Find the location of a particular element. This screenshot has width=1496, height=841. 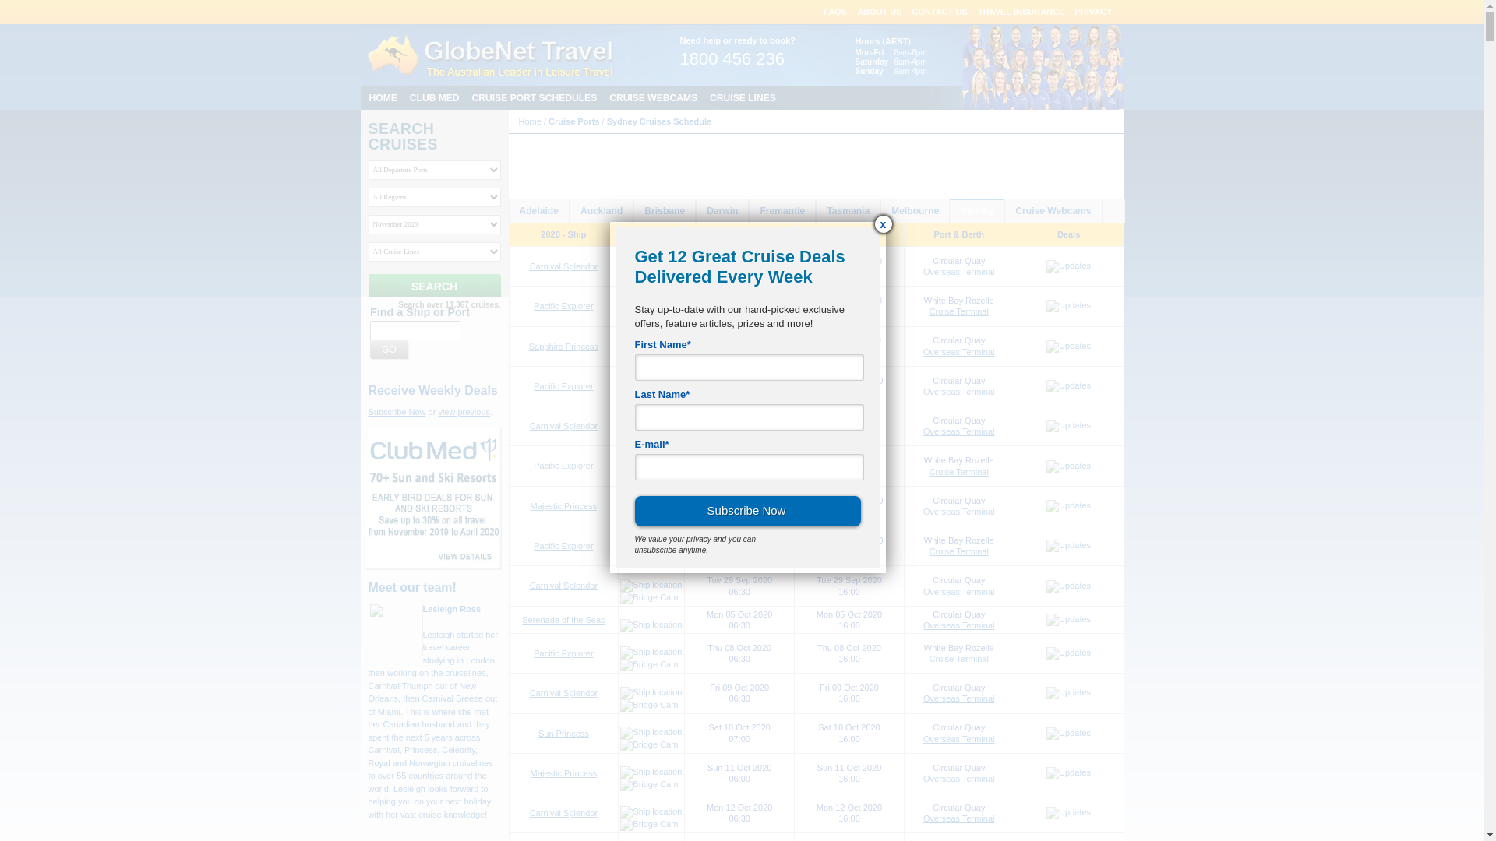

'Updates' is located at coordinates (1046, 692).